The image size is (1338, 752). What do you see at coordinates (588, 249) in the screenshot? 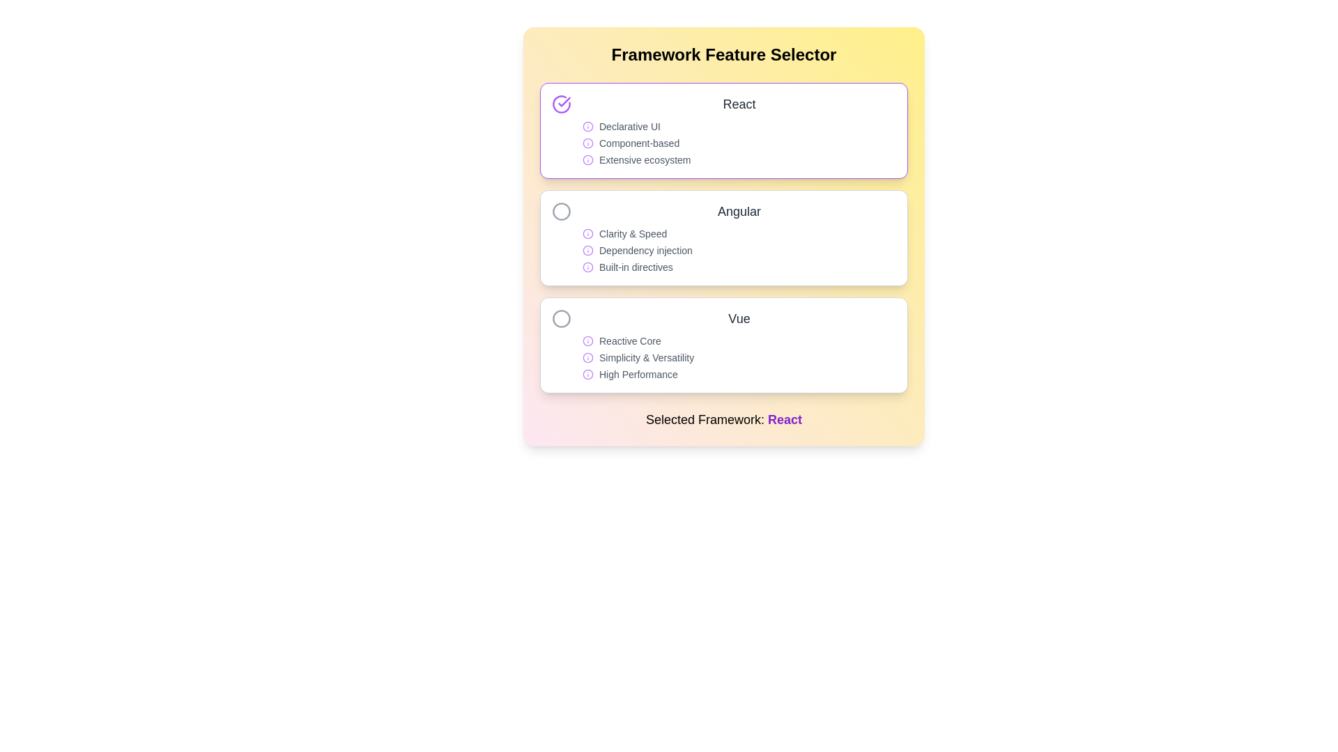
I see `the purple circular icon located to the left of the text 'Dependency injection' in the Angular feature section of the Framework Feature Selector interface` at bounding box center [588, 249].